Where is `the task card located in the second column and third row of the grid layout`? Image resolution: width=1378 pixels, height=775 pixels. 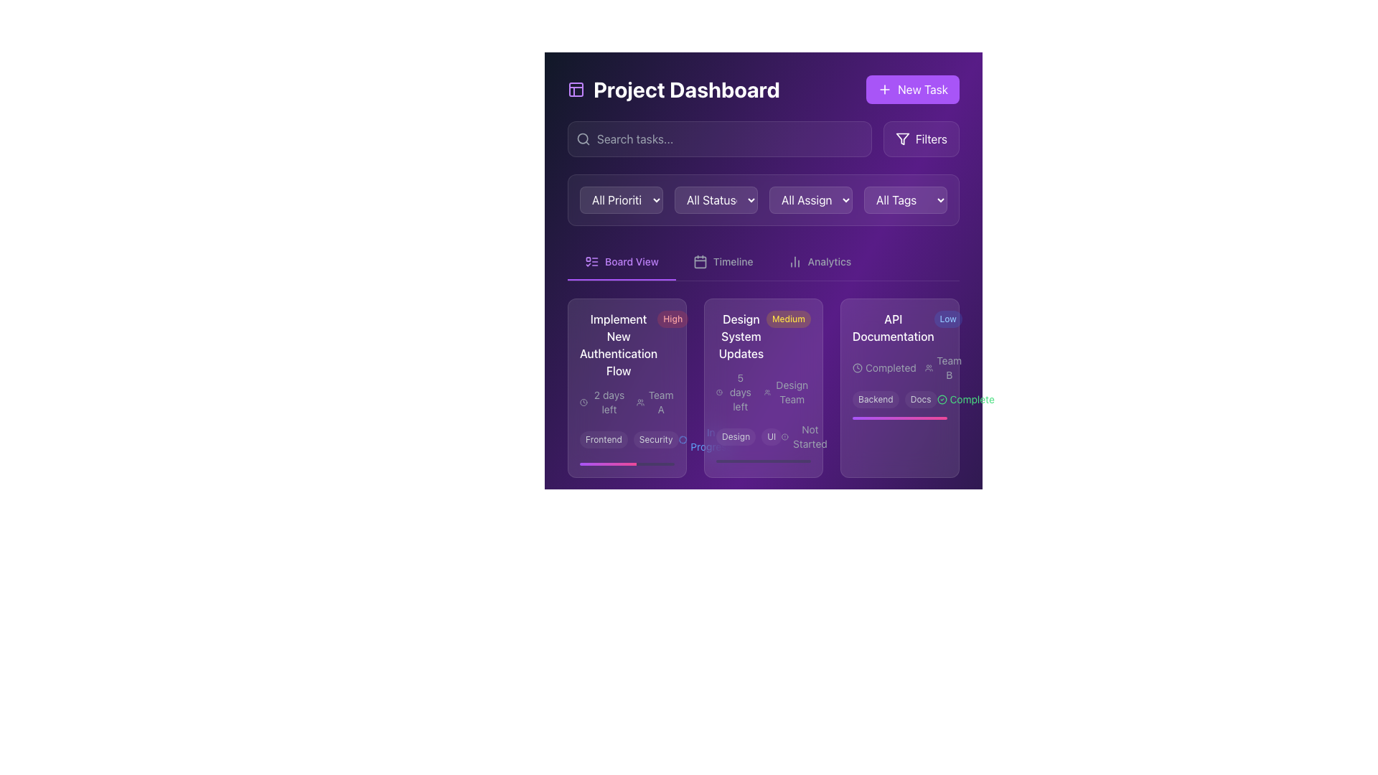 the task card located in the second column and third row of the grid layout is located at coordinates (763, 575).